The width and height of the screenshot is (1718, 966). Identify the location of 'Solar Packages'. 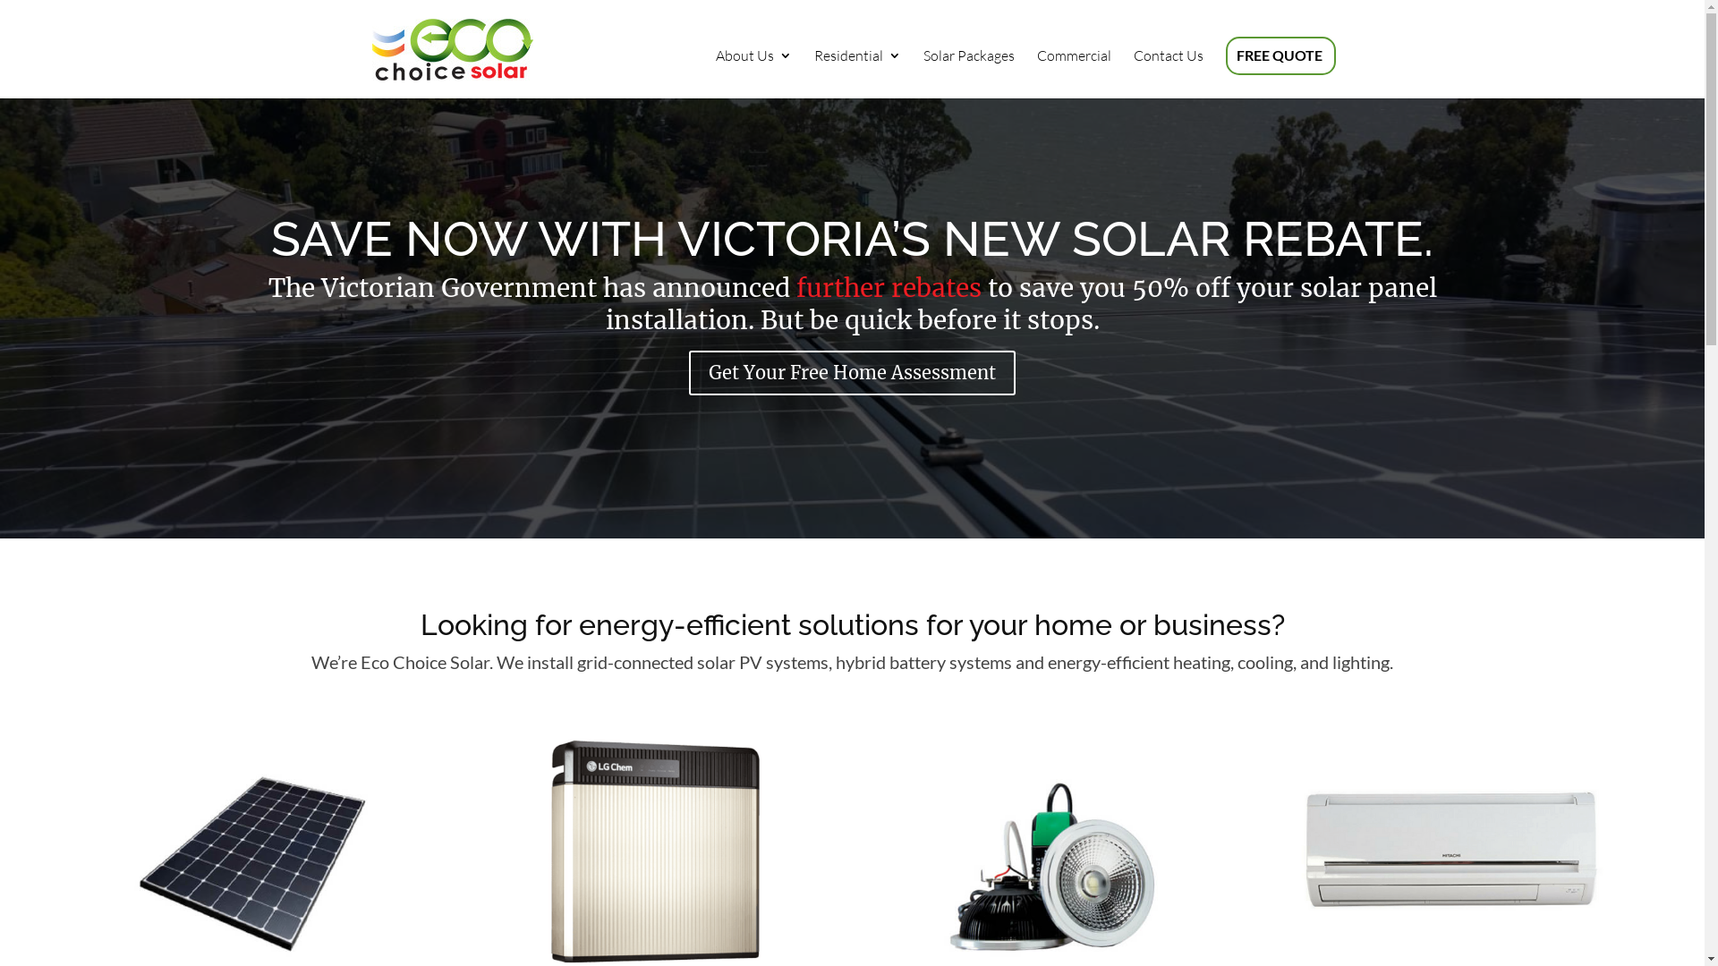
(968, 72).